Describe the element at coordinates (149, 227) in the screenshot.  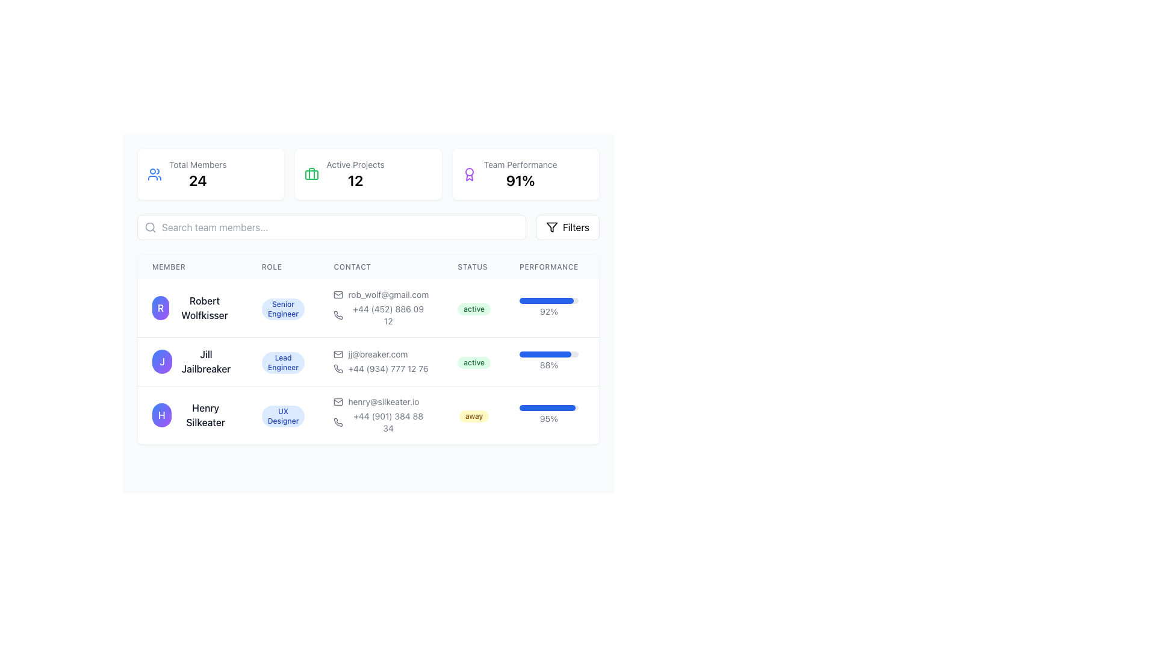
I see `the search icon located at the far left of the search input field, which enhances usability for searching team members` at that location.